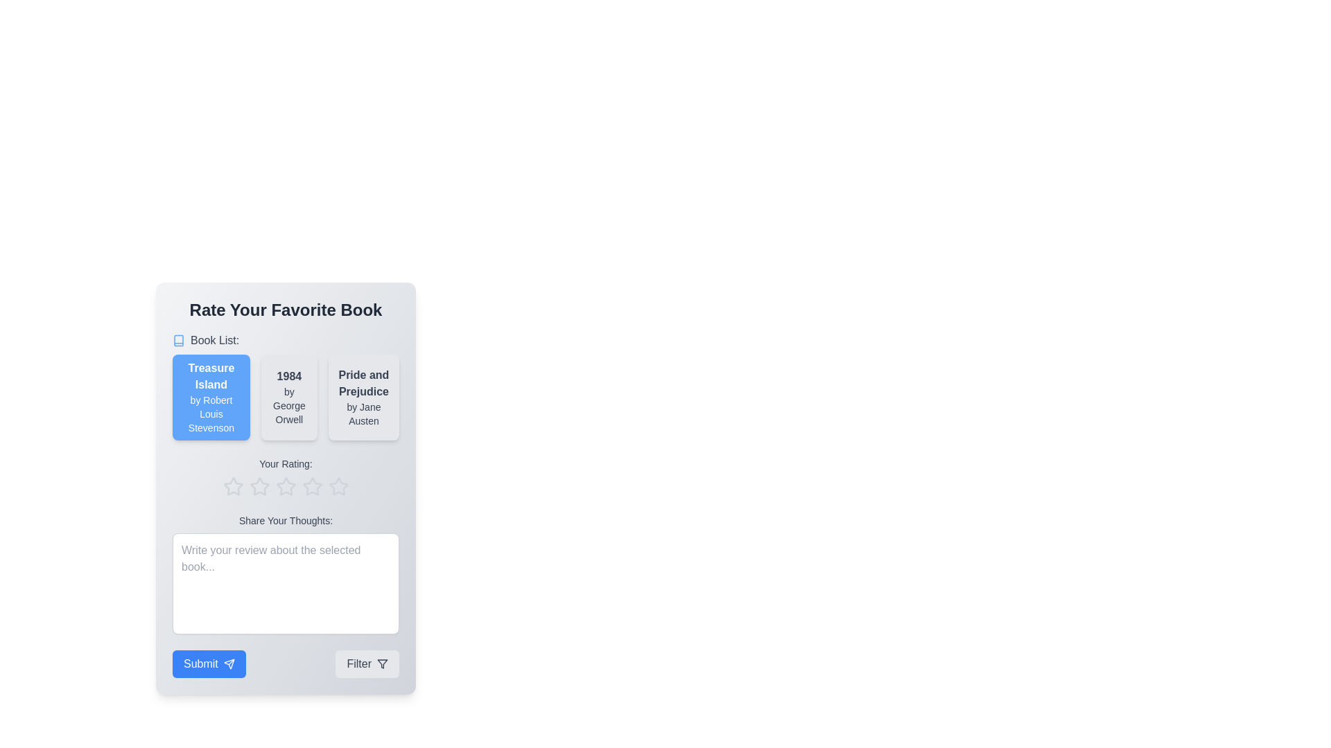 The height and width of the screenshot is (748, 1331). I want to click on the filter button which contains the funnel icon, so click(383, 664).